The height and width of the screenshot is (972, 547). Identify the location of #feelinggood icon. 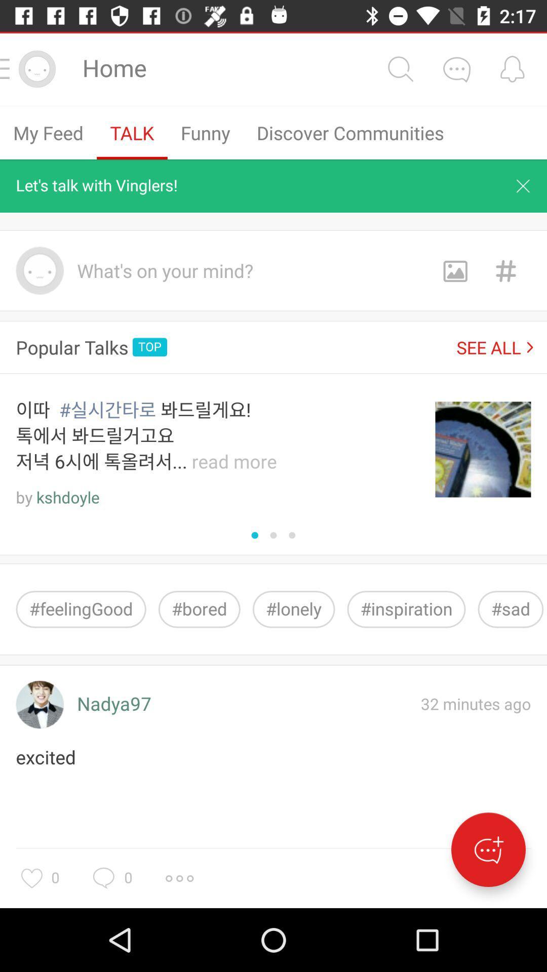
(81, 609).